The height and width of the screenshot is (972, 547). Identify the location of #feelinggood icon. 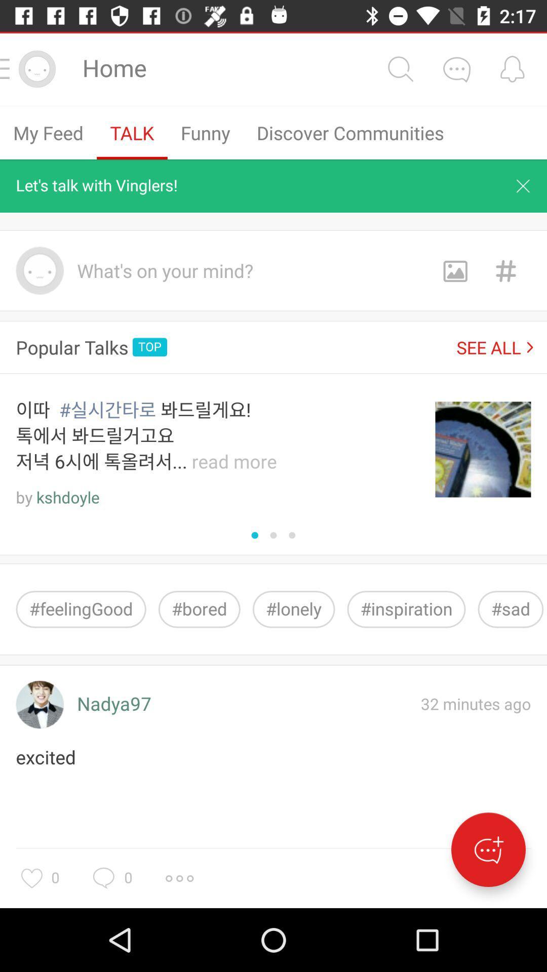
(81, 609).